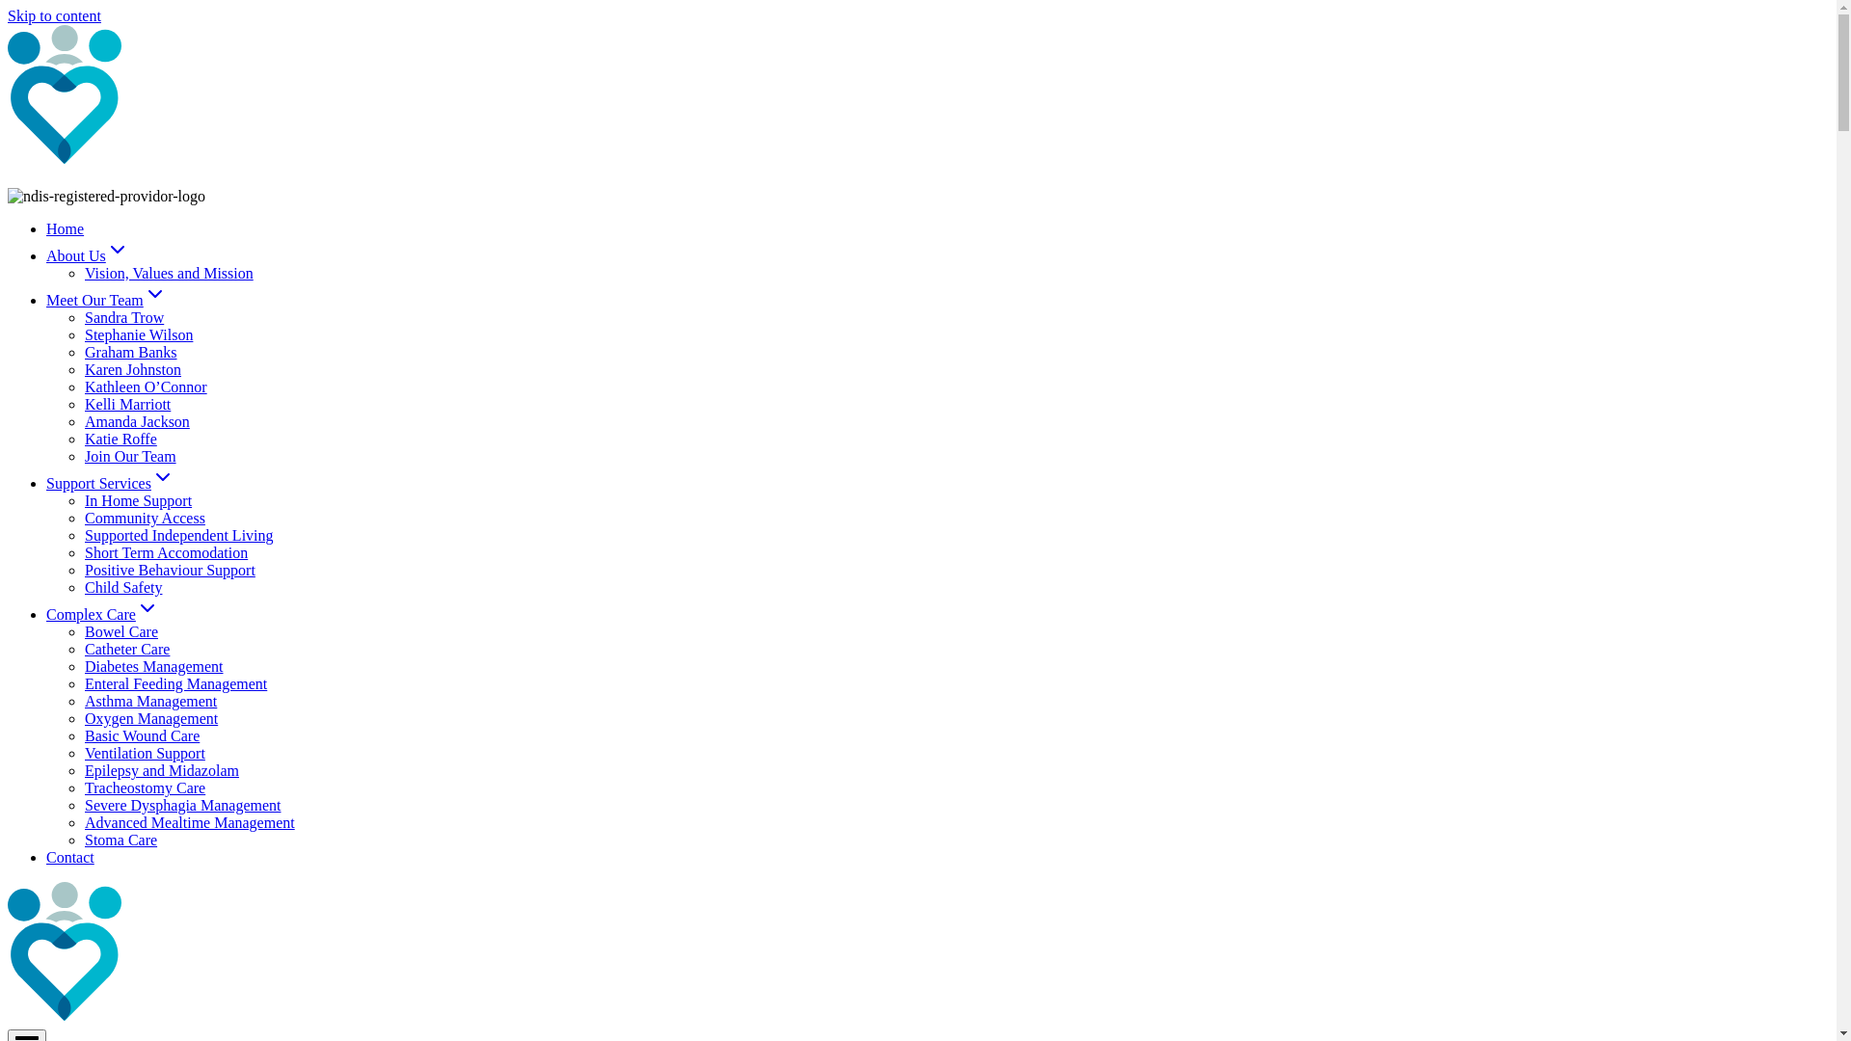 Image resolution: width=1851 pixels, height=1041 pixels. I want to click on 'Sandra Trow', so click(123, 316).